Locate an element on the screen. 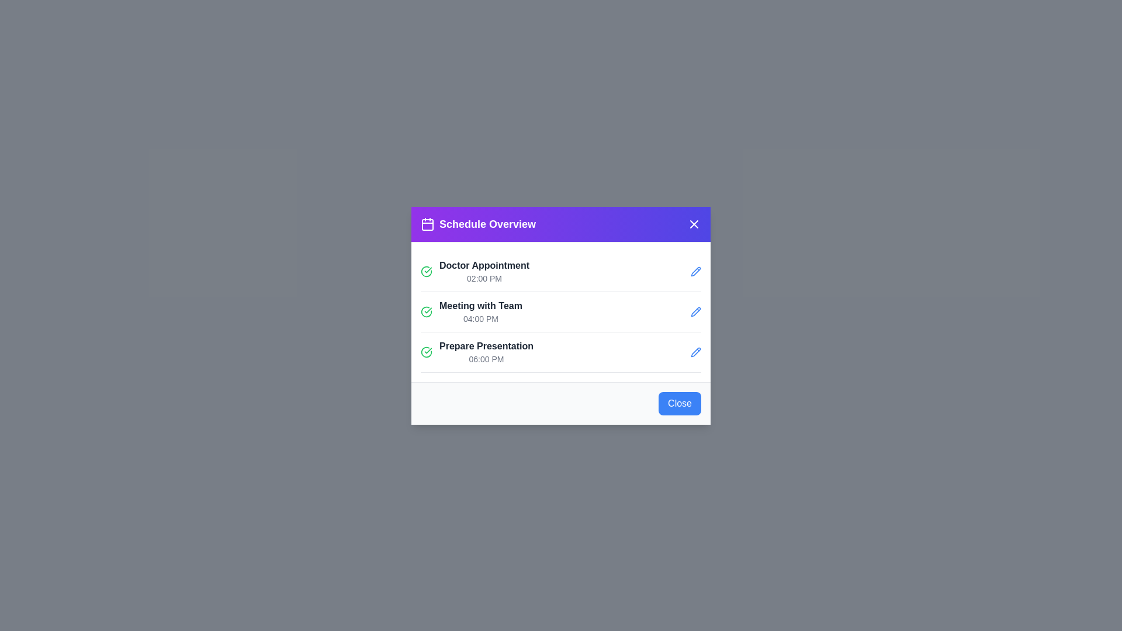 The height and width of the screenshot is (631, 1122). title text 'Schedule Overview' which is styled with bold and large typography and is accompanied by a calendar icon, located in the header bar of a popup window is located at coordinates (478, 224).